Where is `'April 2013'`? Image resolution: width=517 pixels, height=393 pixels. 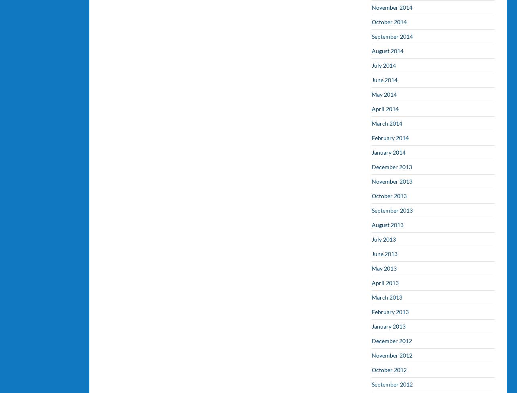 'April 2013' is located at coordinates (385, 282).